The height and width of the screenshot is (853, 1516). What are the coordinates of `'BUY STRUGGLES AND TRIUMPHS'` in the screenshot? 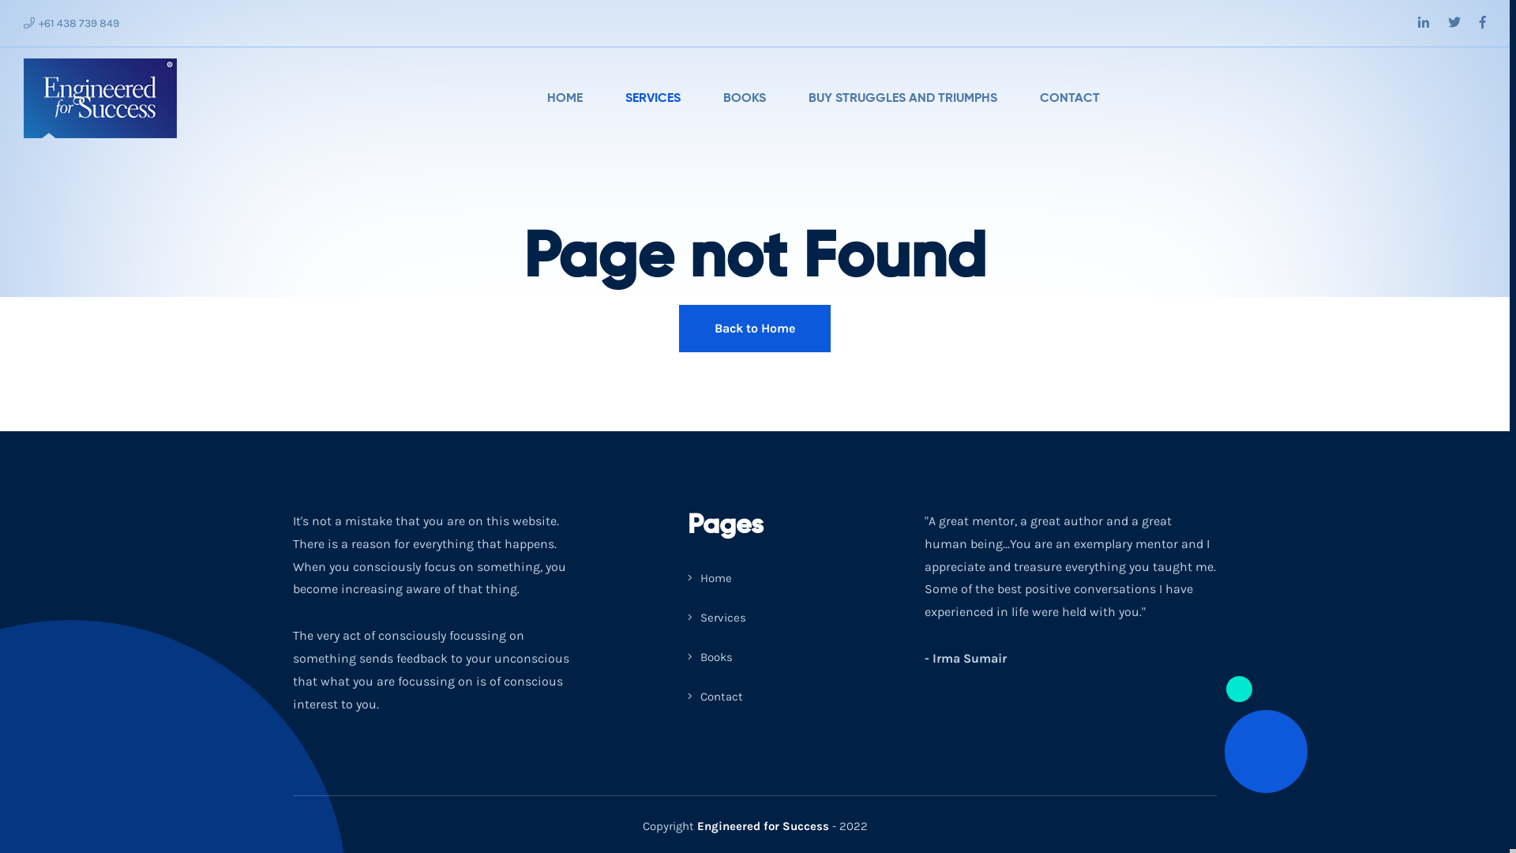 It's located at (902, 98).